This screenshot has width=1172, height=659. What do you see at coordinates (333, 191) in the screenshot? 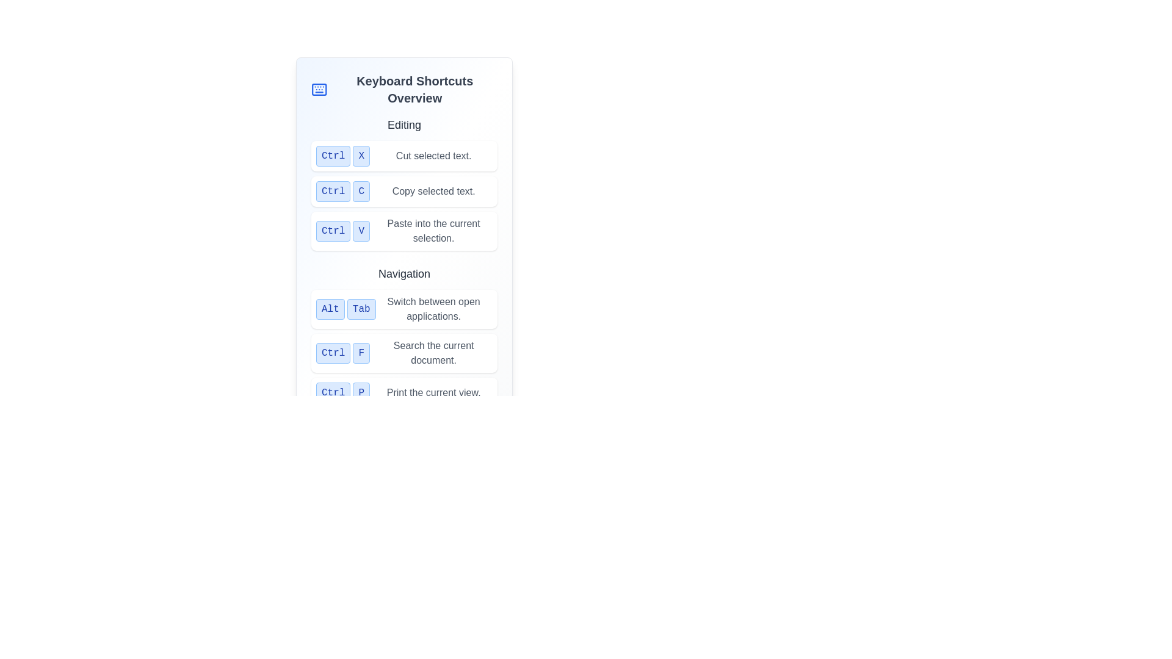
I see `the text on the 'Ctrl' key visual indicator located in the second row of shortcut keys under the 'Editing' section, positioned to the left of the 'C' button` at bounding box center [333, 191].